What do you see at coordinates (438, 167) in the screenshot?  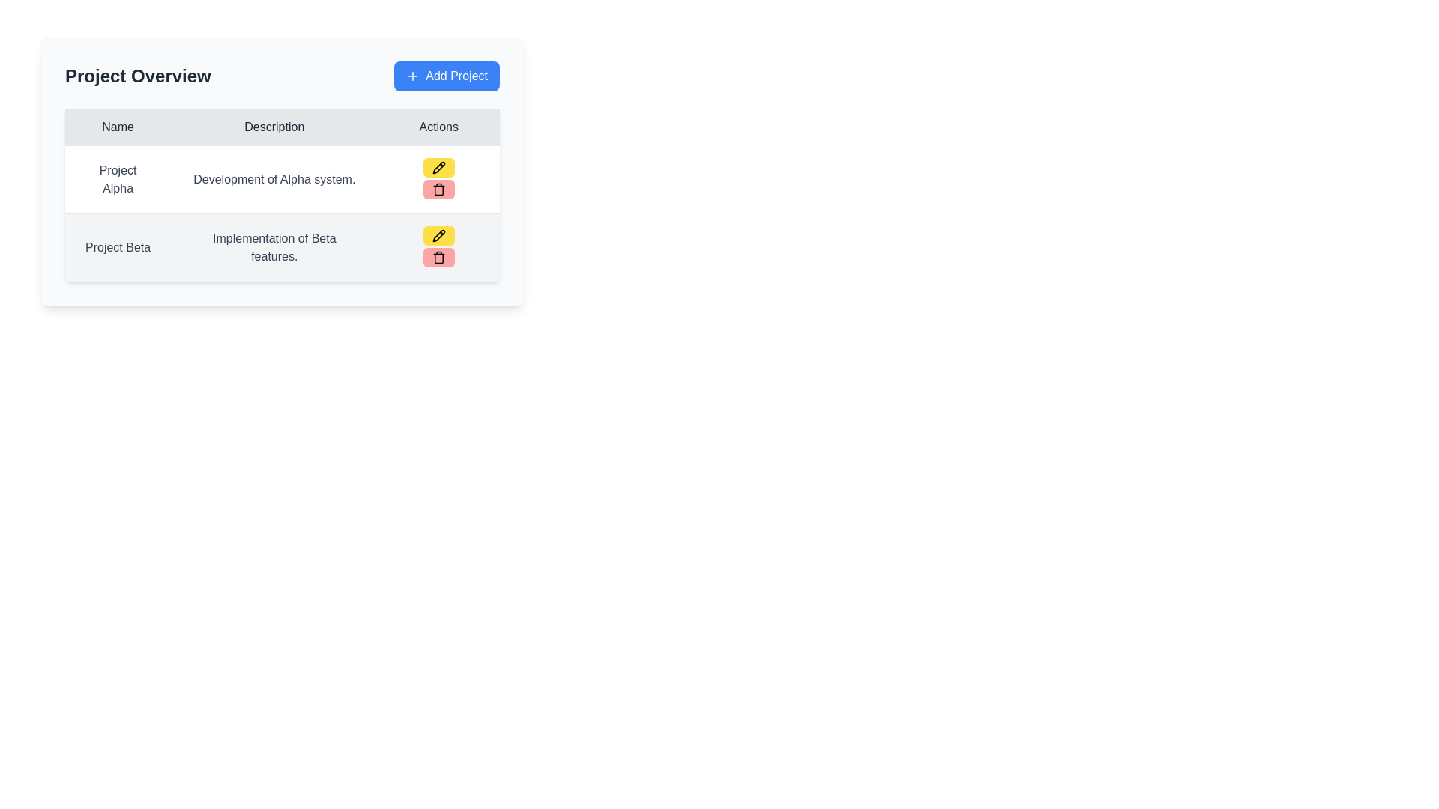 I see `the edit button located in the 'Actions' column of the first row in the table for the 'Project Alpha' entry to initiate editing` at bounding box center [438, 167].